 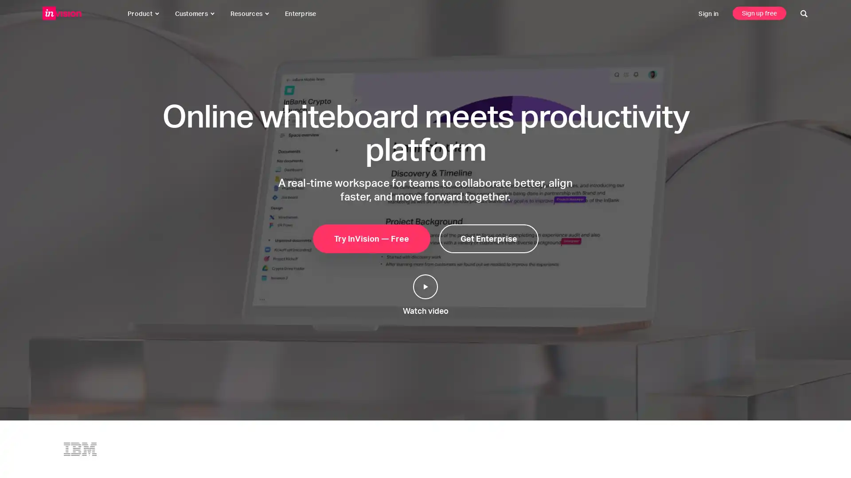 I want to click on try invision  free, so click(x=371, y=238).